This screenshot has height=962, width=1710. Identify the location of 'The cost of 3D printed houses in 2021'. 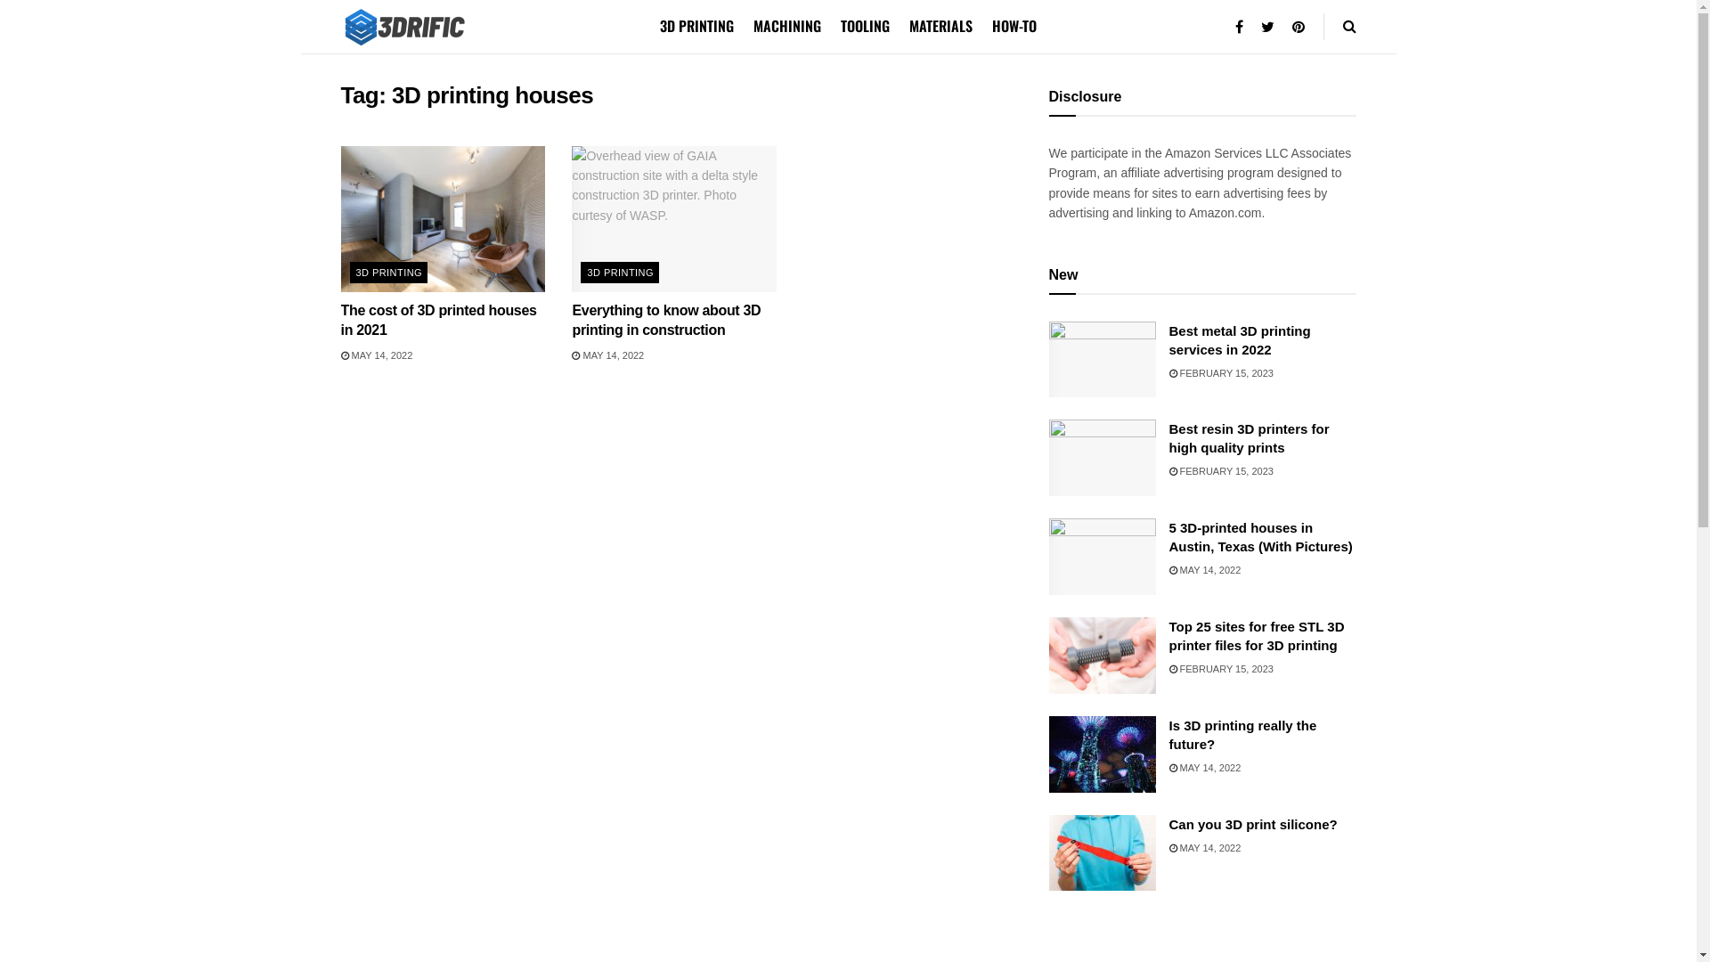
(437, 319).